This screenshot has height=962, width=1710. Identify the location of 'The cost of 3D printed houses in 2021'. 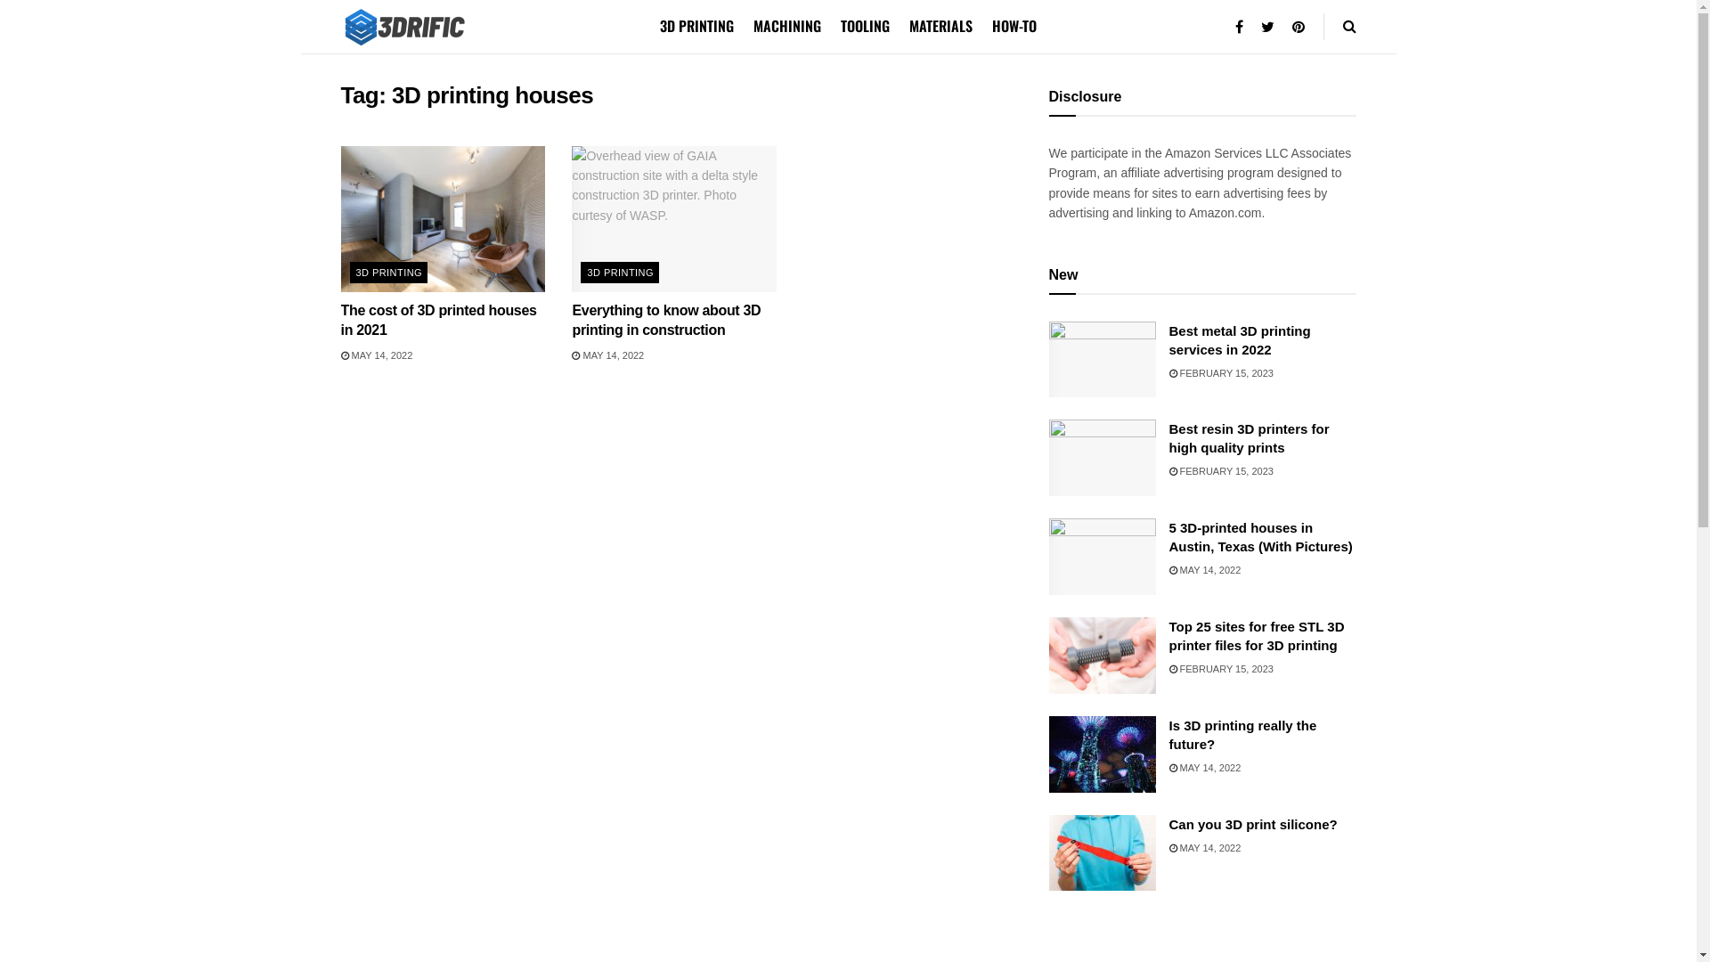
(437, 319).